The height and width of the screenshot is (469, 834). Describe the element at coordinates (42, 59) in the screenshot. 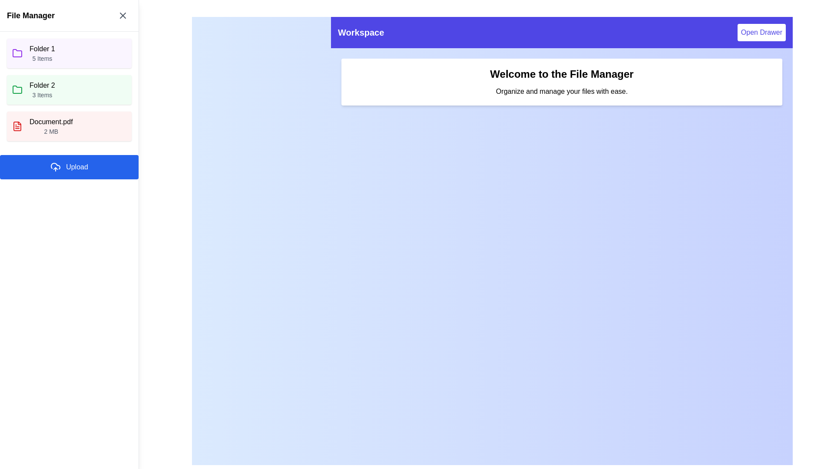

I see `the non-interactive text label that displays metadata about the number of items in 'Folder 1', located directly below the 'Folder 1' text and to the right of the folder icon` at that location.